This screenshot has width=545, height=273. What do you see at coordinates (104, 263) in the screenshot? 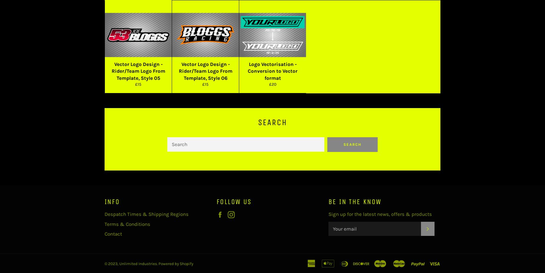
I see `'© 2023,'` at bounding box center [104, 263].